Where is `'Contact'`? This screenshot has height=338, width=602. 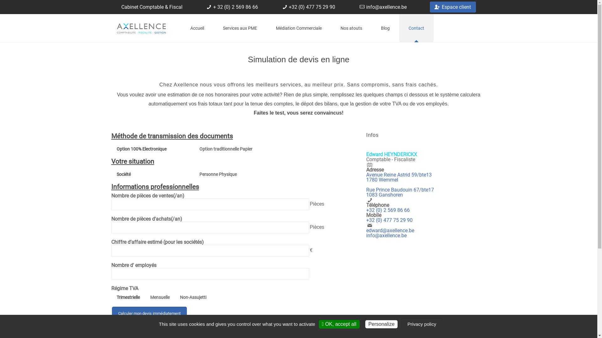
'Contact' is located at coordinates (416, 28).